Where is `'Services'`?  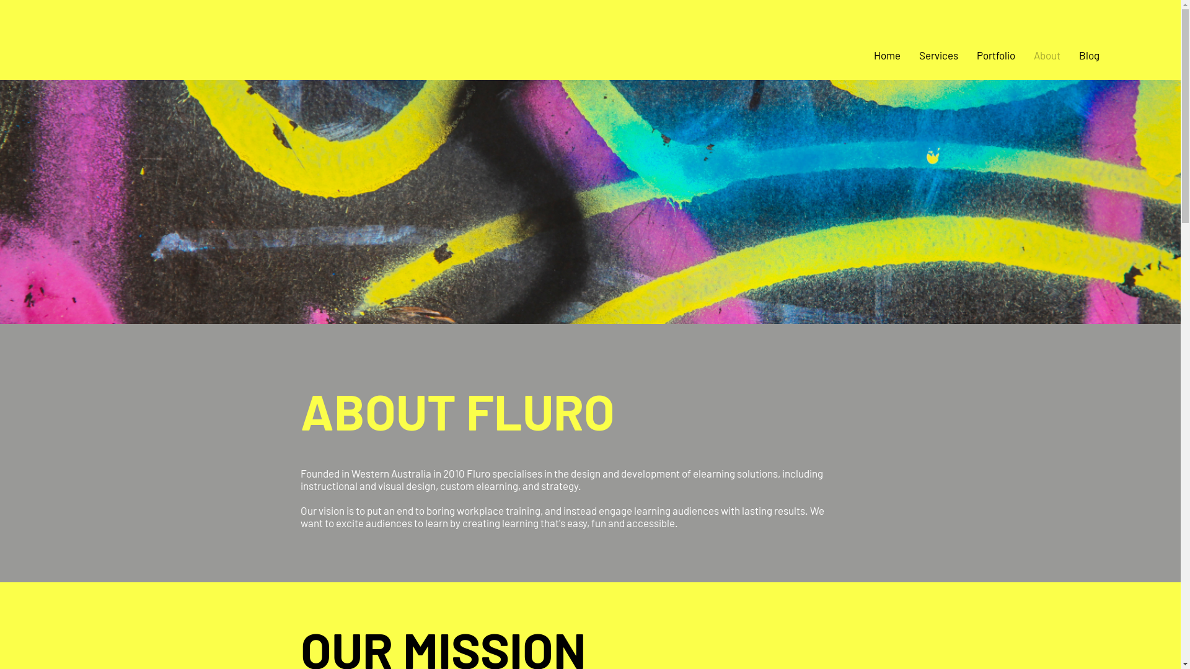
'Services' is located at coordinates (938, 54).